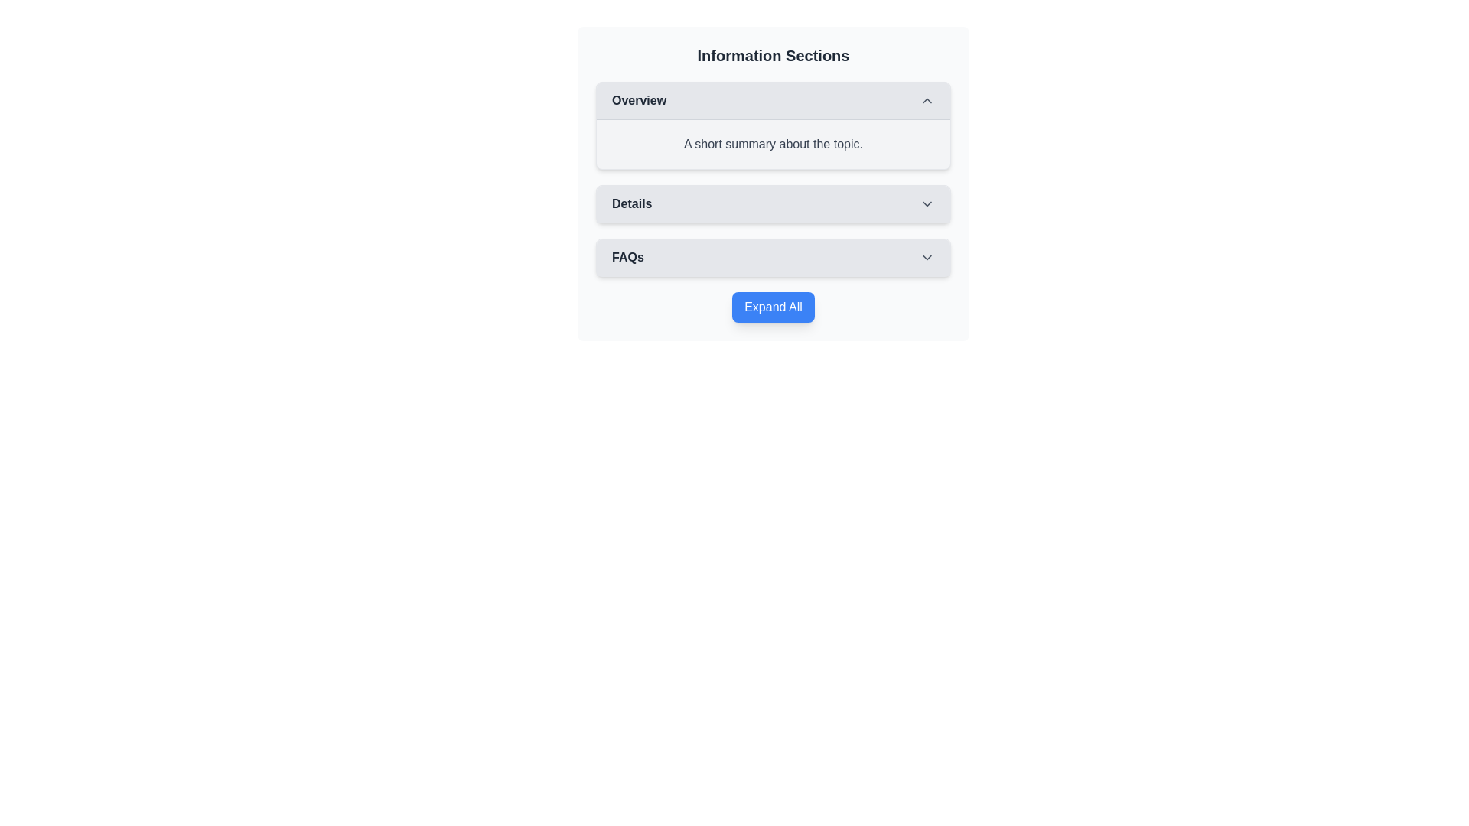  Describe the element at coordinates (774, 144) in the screenshot. I see `the Text Block displaying 'A short summary about the topic.' located in the 'Overview' section, directly below the header 'Overview.'` at that location.